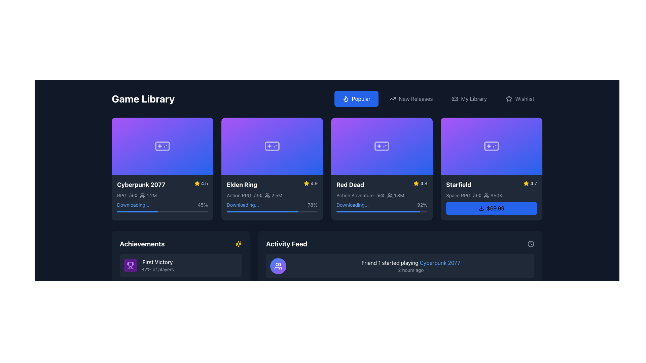 This screenshot has height=363, width=646. Describe the element at coordinates (416, 183) in the screenshot. I see `the Rating star icon, which visually represents a rating in the game's score system, located to the left of the text '4.8.'` at that location.